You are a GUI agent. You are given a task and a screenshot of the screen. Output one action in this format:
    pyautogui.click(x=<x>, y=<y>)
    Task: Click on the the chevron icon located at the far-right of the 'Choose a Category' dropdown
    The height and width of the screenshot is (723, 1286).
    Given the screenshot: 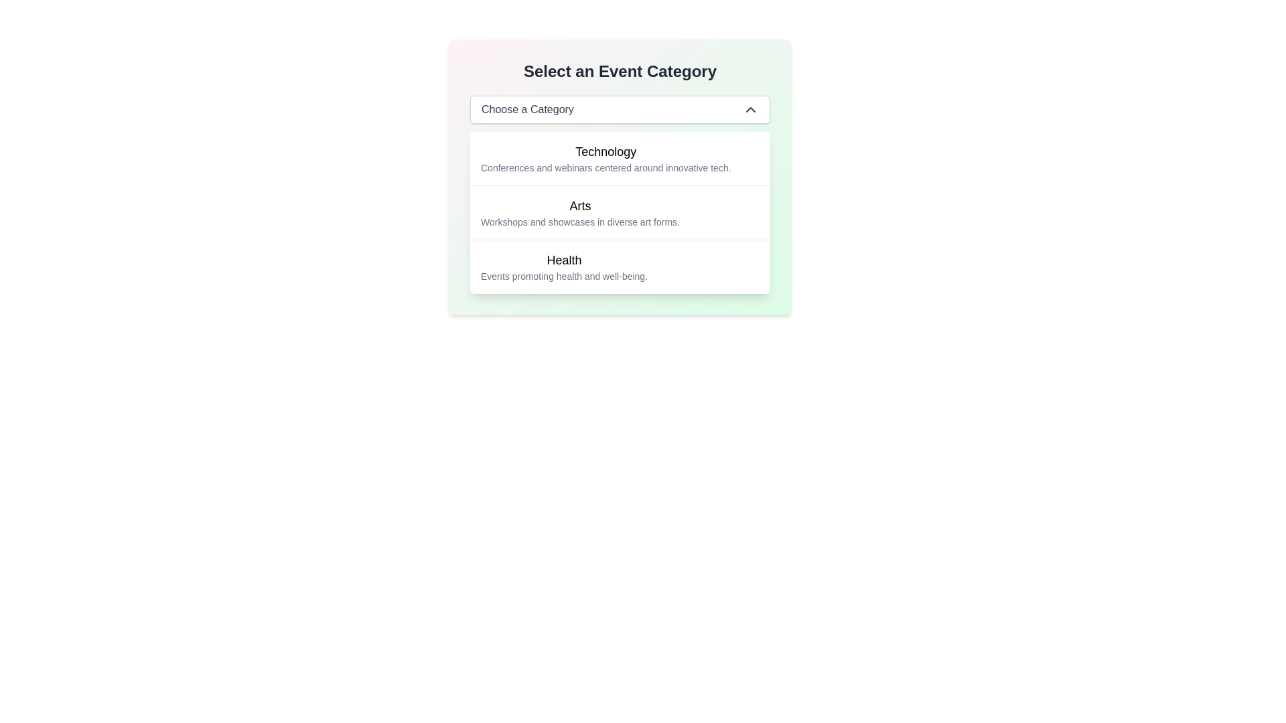 What is the action you would take?
    pyautogui.click(x=751, y=109)
    